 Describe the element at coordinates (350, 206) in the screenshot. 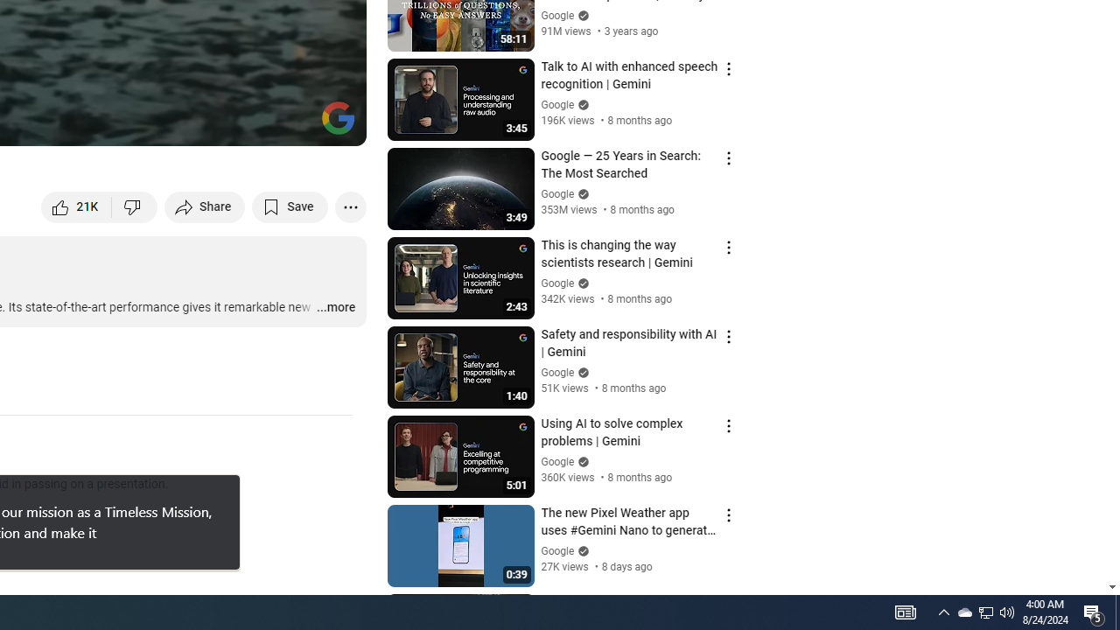

I see `'More actions'` at that location.